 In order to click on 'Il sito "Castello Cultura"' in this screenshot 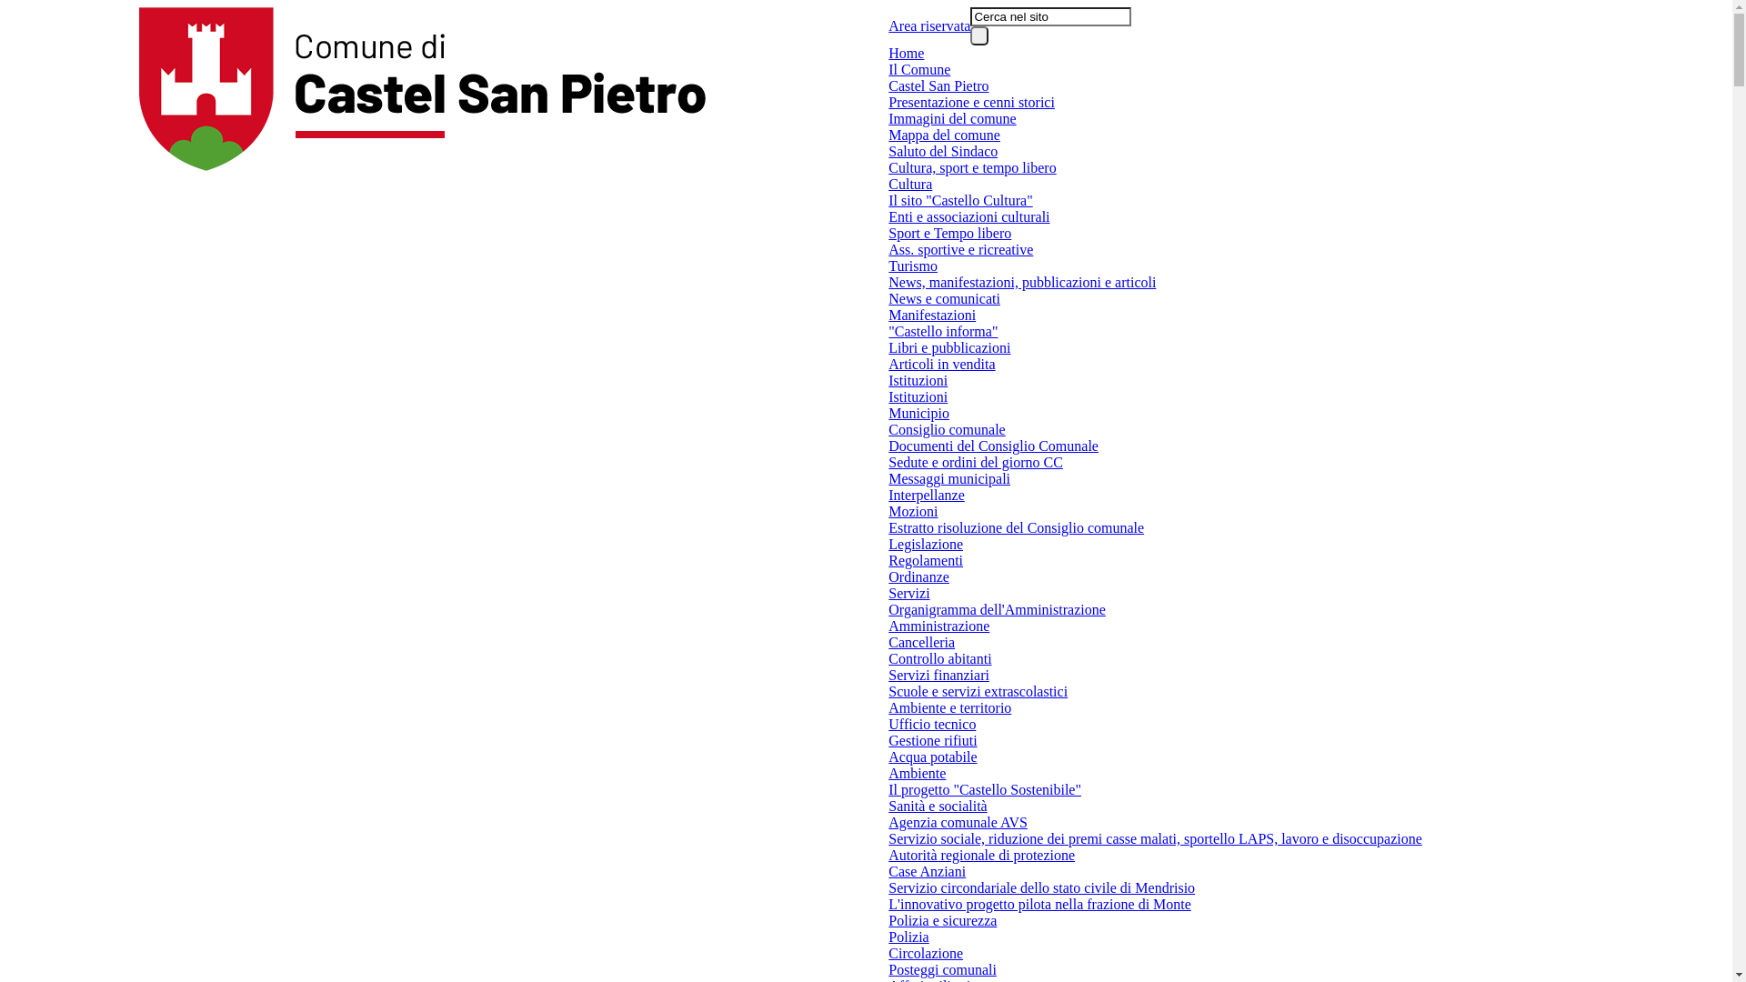, I will do `click(959, 200)`.